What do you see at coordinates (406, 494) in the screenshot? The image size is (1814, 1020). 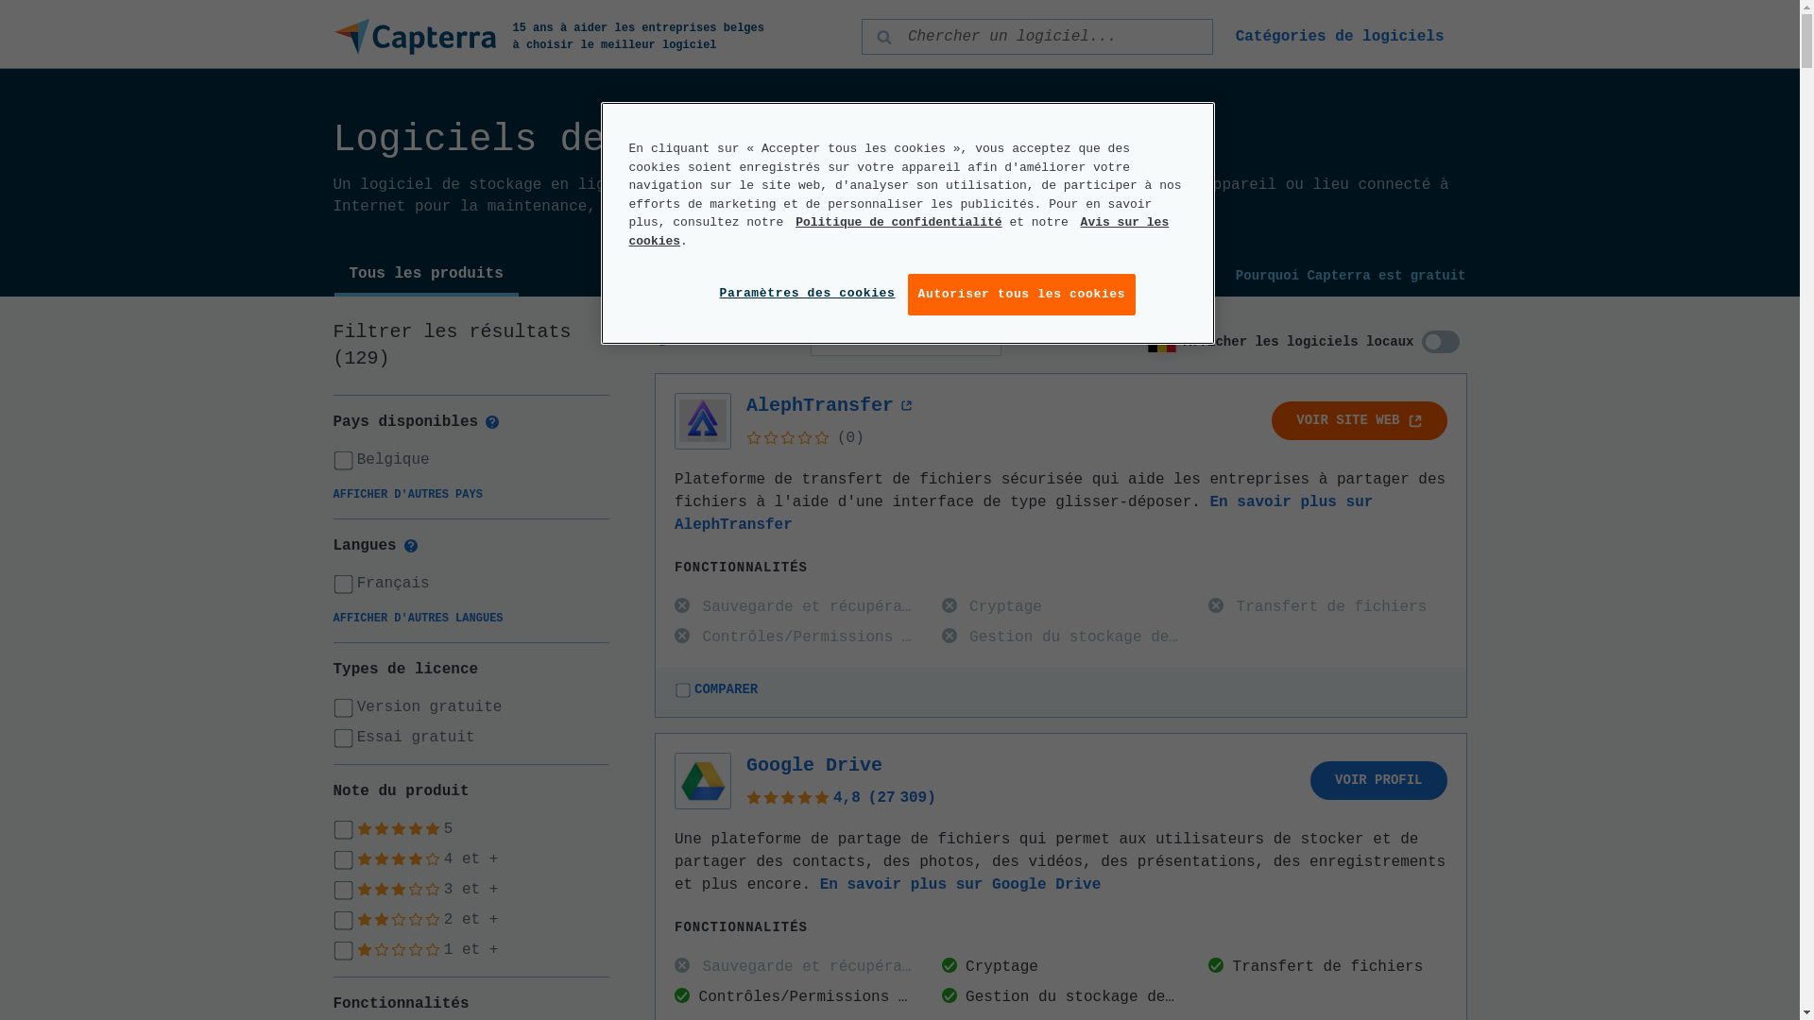 I see `'AFFICHER D'AUTRES PAYS'` at bounding box center [406, 494].